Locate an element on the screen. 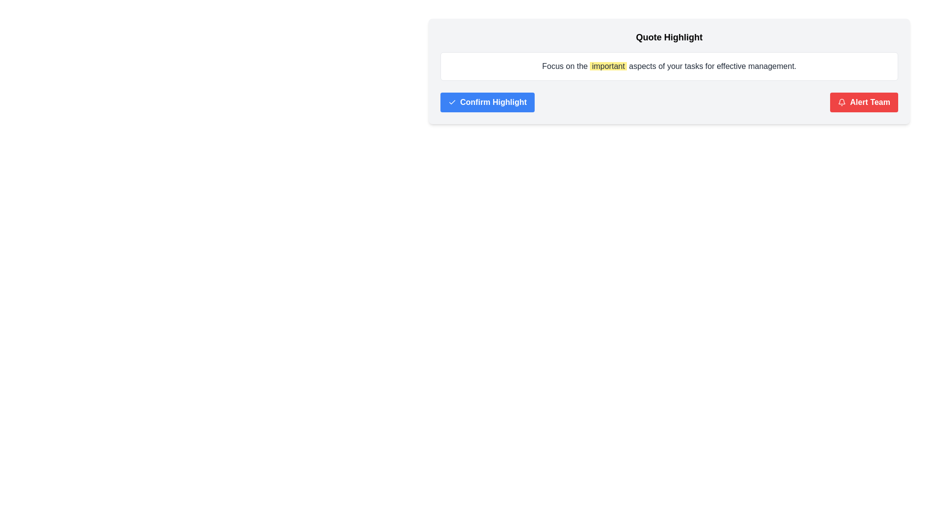  the bold title 'Quote Highlight' located centrally at the top of the content card is located at coordinates (669, 37).